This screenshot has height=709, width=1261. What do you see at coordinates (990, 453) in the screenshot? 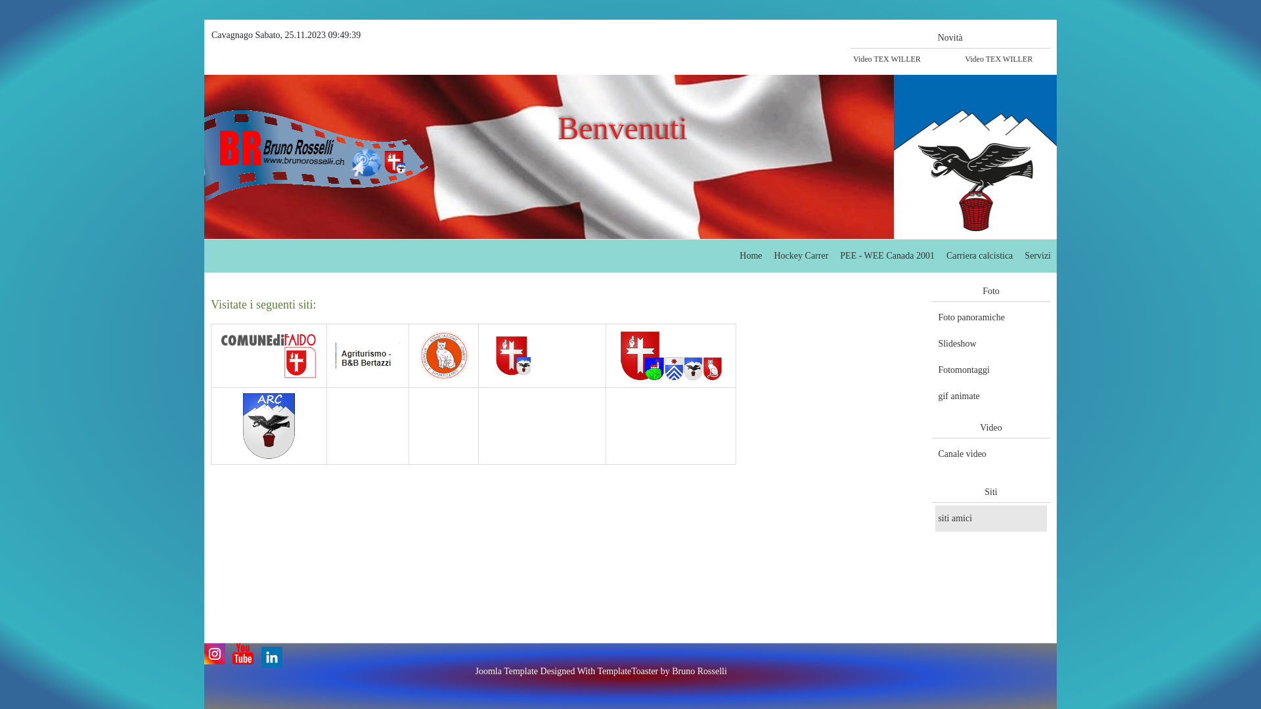
I see `'Canale video'` at bounding box center [990, 453].